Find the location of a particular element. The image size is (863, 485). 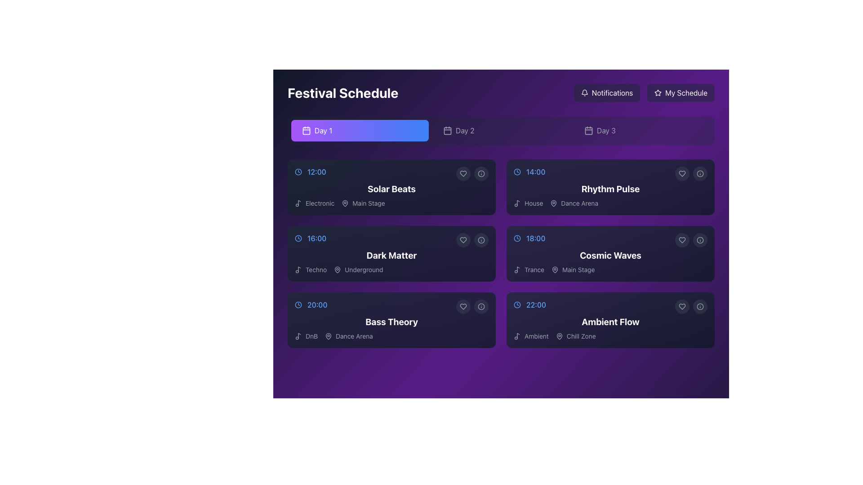

on the fourth event card in the festival schedule is located at coordinates (610, 253).